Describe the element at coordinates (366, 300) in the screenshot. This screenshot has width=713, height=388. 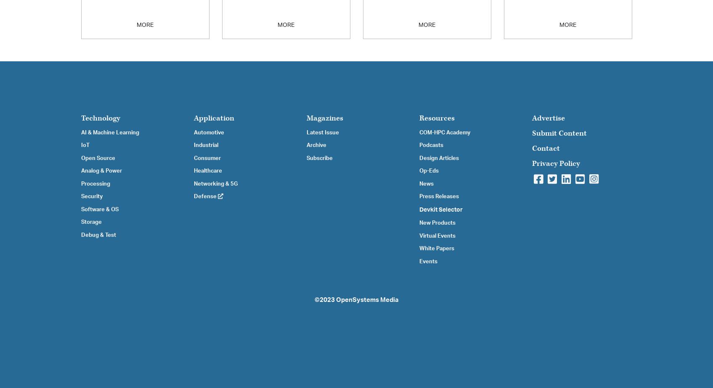
I see `'OpenSystems Media'` at that location.